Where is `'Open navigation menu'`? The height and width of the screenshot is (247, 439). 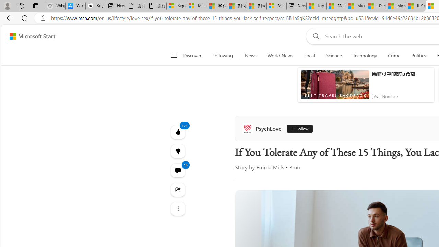 'Open navigation menu' is located at coordinates (174, 56).